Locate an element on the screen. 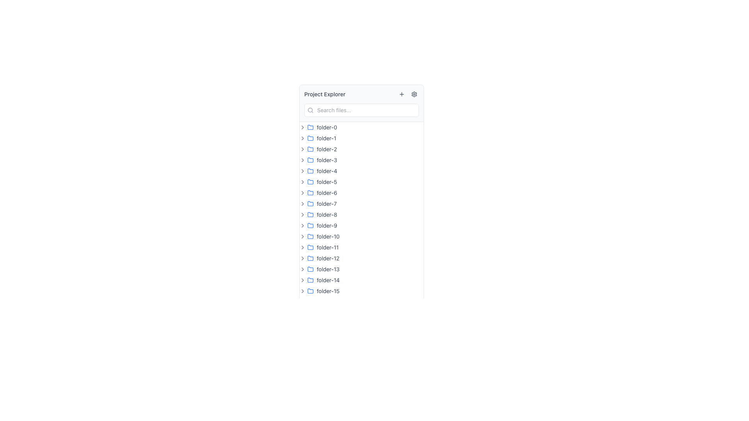  the right-pointing arrow icon button is located at coordinates (302, 182).